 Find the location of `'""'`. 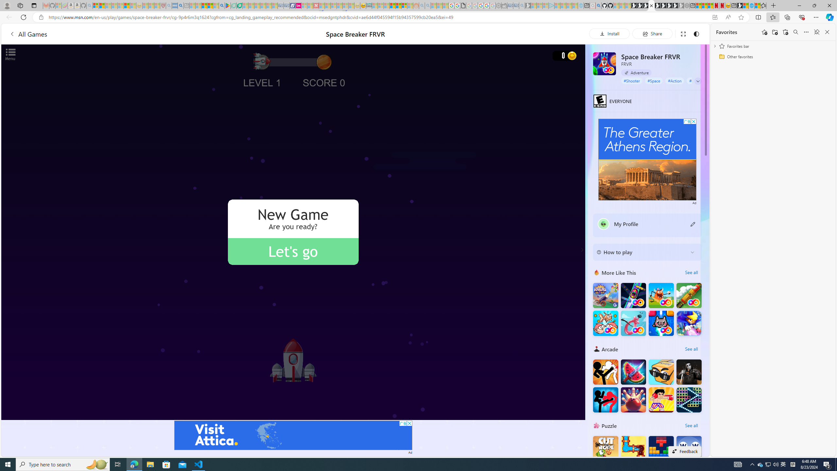

'""' is located at coordinates (603, 224).